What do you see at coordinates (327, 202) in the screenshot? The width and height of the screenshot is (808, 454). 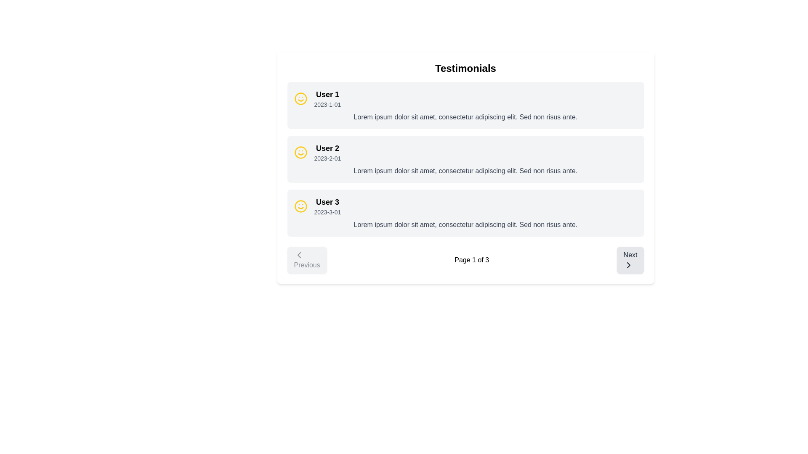 I see `the text label that serves as the heading for the third testimonial entry, located to the left of the date '2023-3-01'` at bounding box center [327, 202].